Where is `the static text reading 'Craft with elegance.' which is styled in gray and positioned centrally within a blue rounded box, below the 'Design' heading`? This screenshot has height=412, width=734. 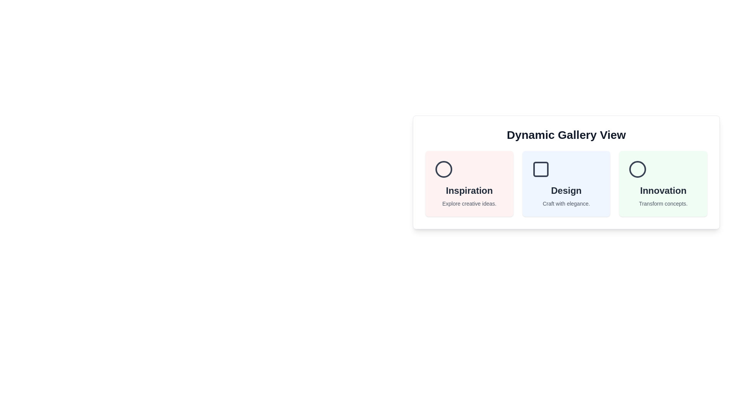 the static text reading 'Craft with elegance.' which is styled in gray and positioned centrally within a blue rounded box, below the 'Design' heading is located at coordinates (566, 203).